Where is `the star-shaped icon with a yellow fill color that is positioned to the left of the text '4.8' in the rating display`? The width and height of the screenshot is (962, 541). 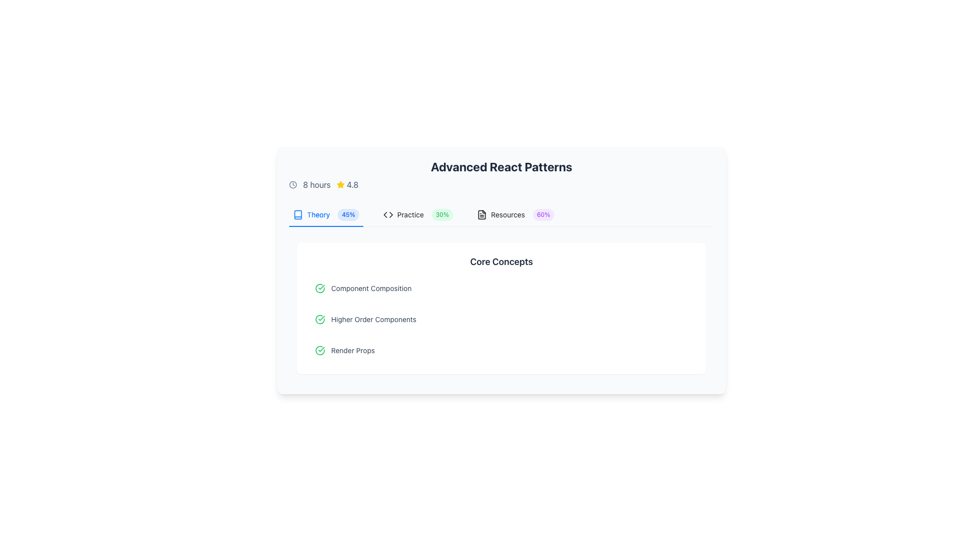 the star-shaped icon with a yellow fill color that is positioned to the left of the text '4.8' in the rating display is located at coordinates (341, 185).